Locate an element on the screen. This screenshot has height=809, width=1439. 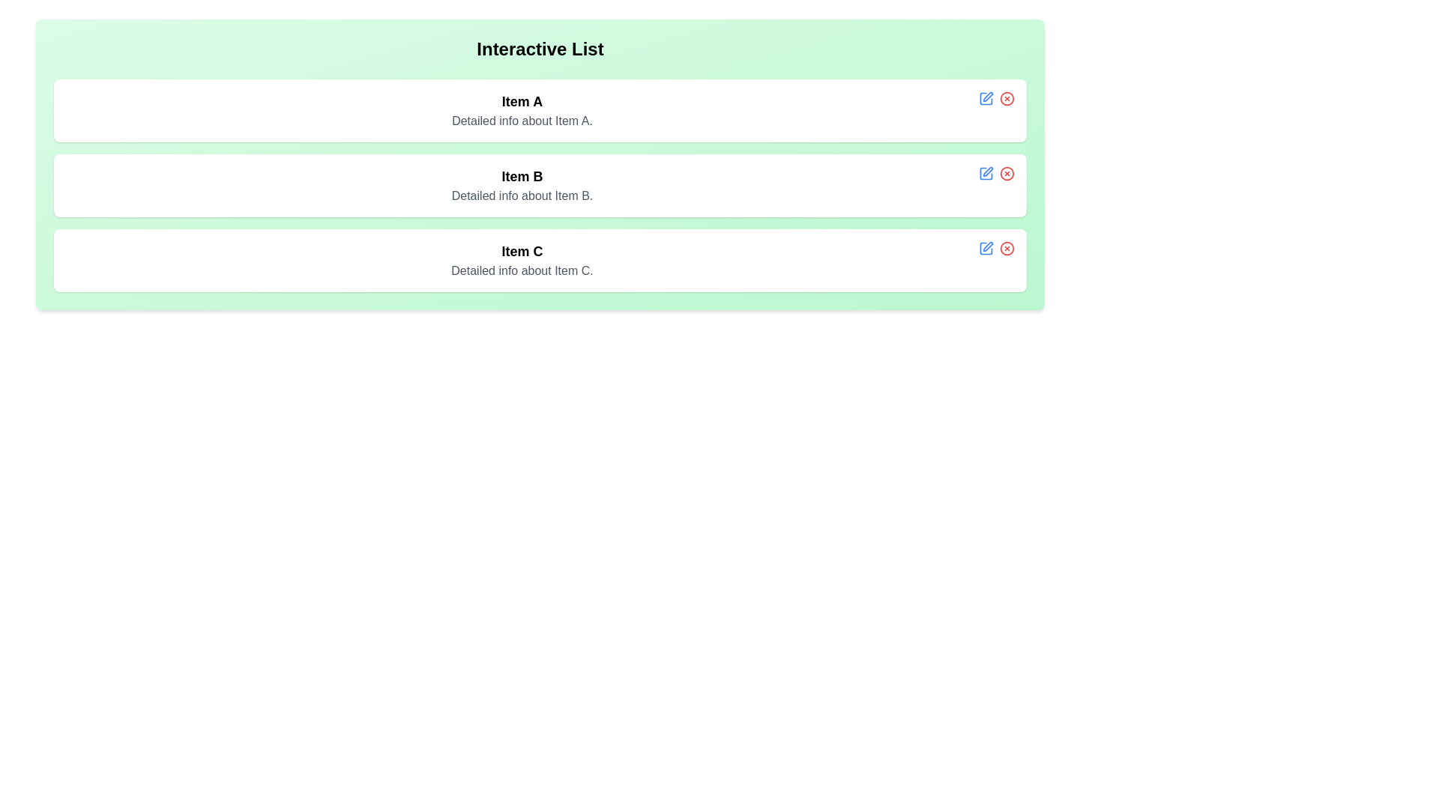
the first list item located below the heading 'Interactive List' and above 'Item B' is located at coordinates (540, 109).